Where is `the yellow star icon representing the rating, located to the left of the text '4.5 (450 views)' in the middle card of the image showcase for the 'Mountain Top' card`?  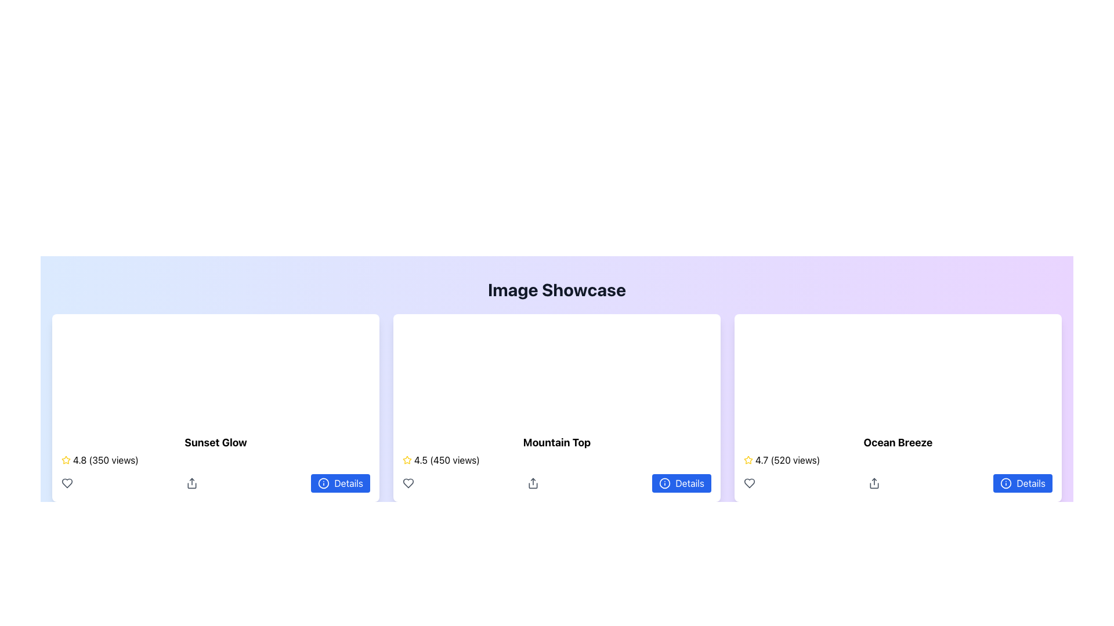
the yellow star icon representing the rating, located to the left of the text '4.5 (450 views)' in the middle card of the image showcase for the 'Mountain Top' card is located at coordinates (407, 459).